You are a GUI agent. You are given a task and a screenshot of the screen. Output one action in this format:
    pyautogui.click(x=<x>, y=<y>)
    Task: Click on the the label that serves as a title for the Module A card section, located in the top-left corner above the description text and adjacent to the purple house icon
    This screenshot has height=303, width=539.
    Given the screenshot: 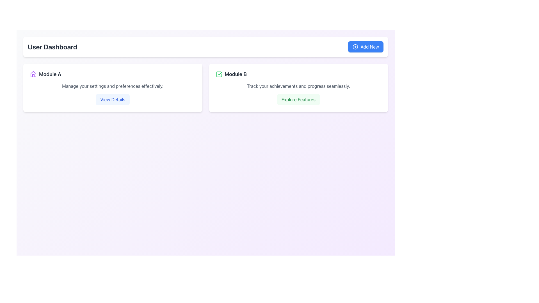 What is the action you would take?
    pyautogui.click(x=50, y=74)
    